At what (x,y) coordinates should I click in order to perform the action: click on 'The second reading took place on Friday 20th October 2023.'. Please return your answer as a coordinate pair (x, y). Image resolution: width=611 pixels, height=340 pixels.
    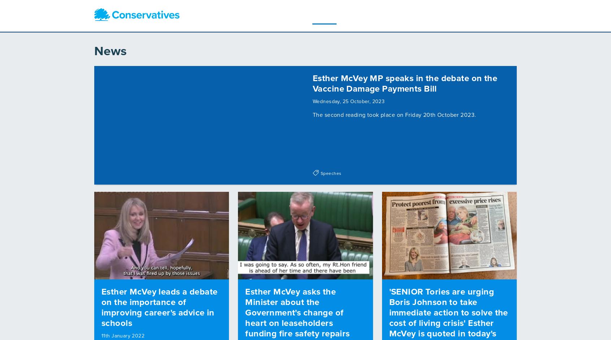
    Looking at the image, I should click on (394, 112).